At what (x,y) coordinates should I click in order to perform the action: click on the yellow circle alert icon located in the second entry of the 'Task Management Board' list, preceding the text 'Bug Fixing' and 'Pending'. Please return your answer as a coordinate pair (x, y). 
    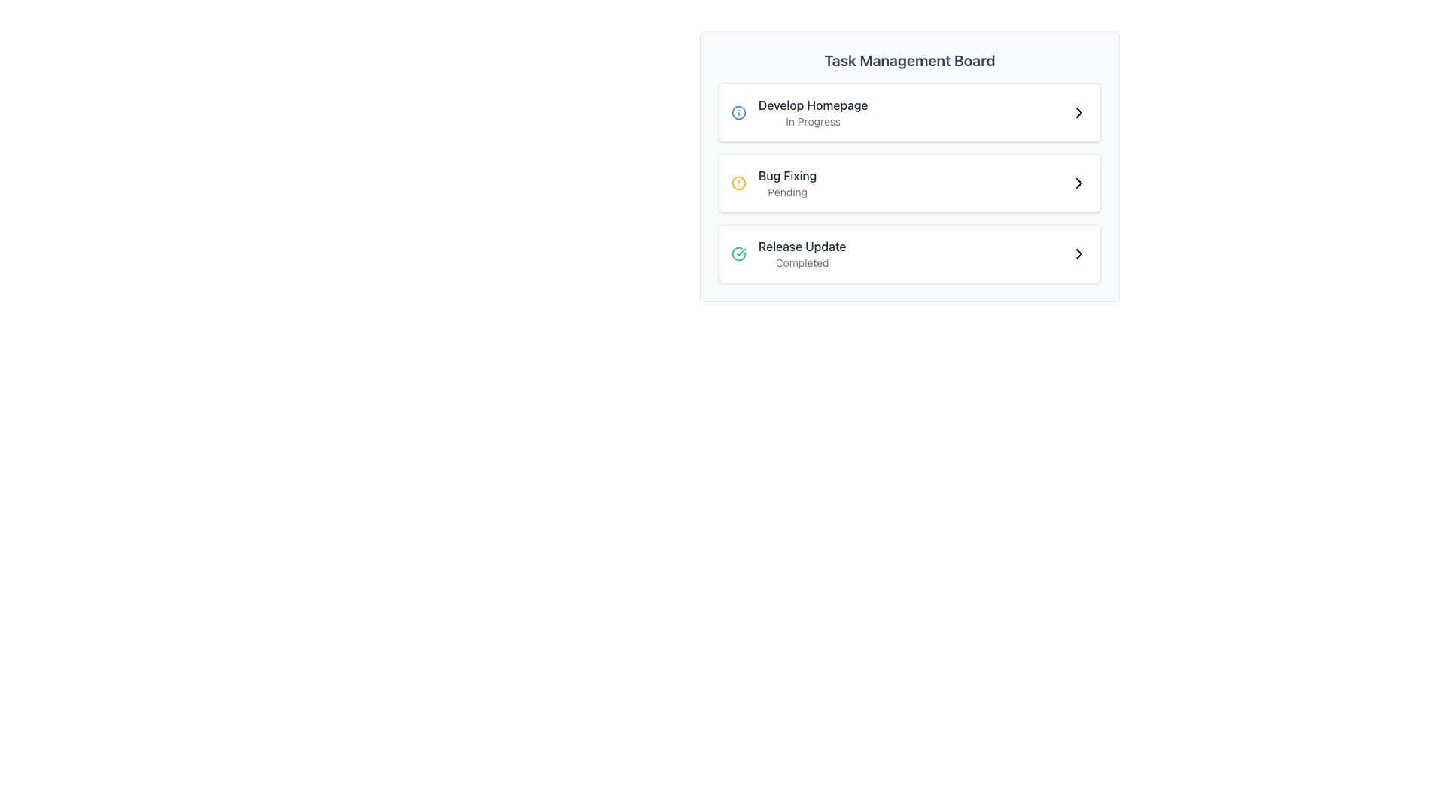
    Looking at the image, I should click on (739, 182).